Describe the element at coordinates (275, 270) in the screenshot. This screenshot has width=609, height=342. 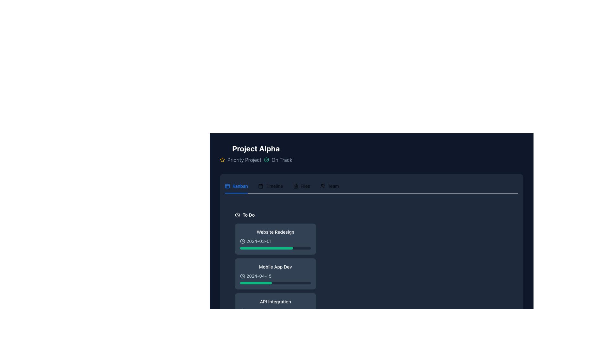
I see `the Task card component labeled 'Mobile App Dev' with a completion date of '2024-04-15' located in the 'To Do' section` at that location.